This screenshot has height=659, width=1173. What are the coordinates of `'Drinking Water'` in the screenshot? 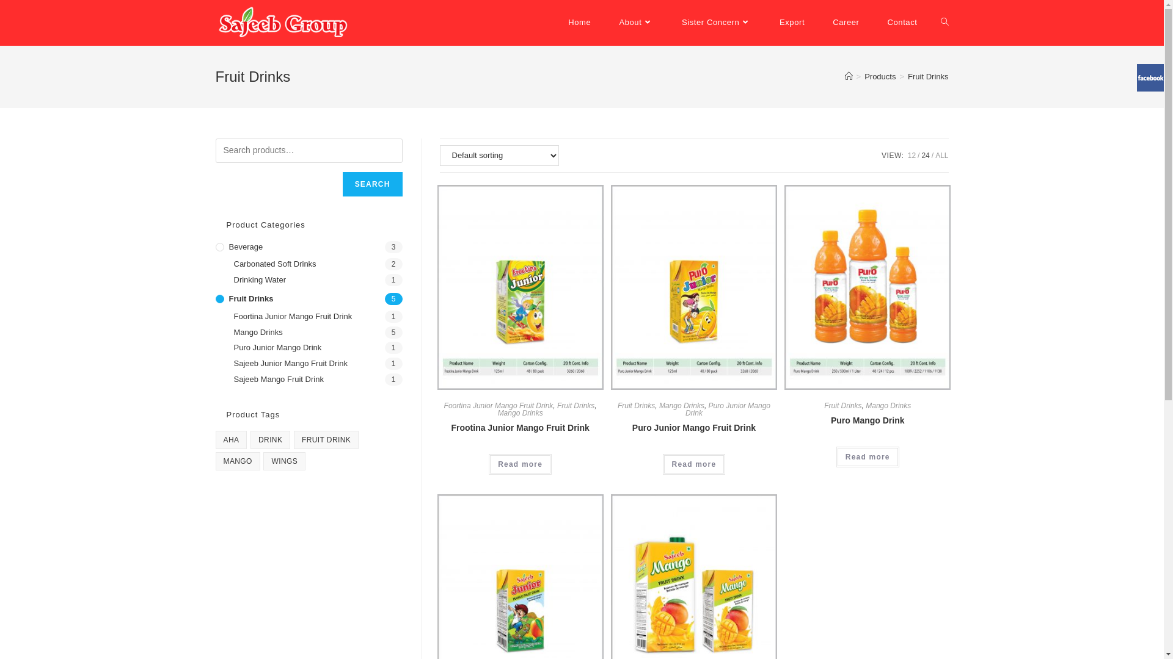 It's located at (233, 280).